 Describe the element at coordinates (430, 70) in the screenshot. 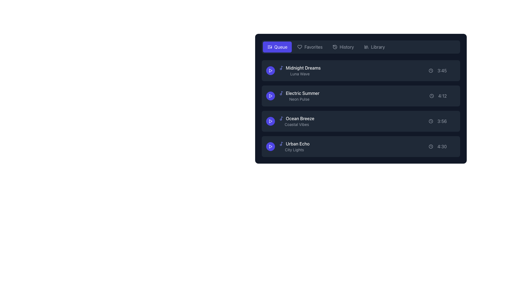

I see `the clock icon located in the first row of the list, which is aligned to the right of the text '3:45'` at that location.